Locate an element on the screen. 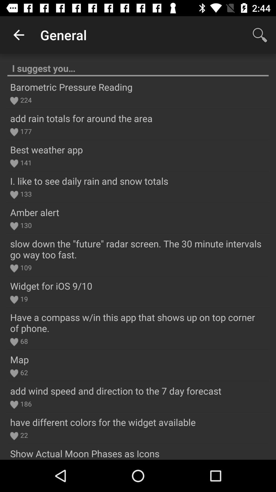  item below add wind speed item is located at coordinates (25, 404).